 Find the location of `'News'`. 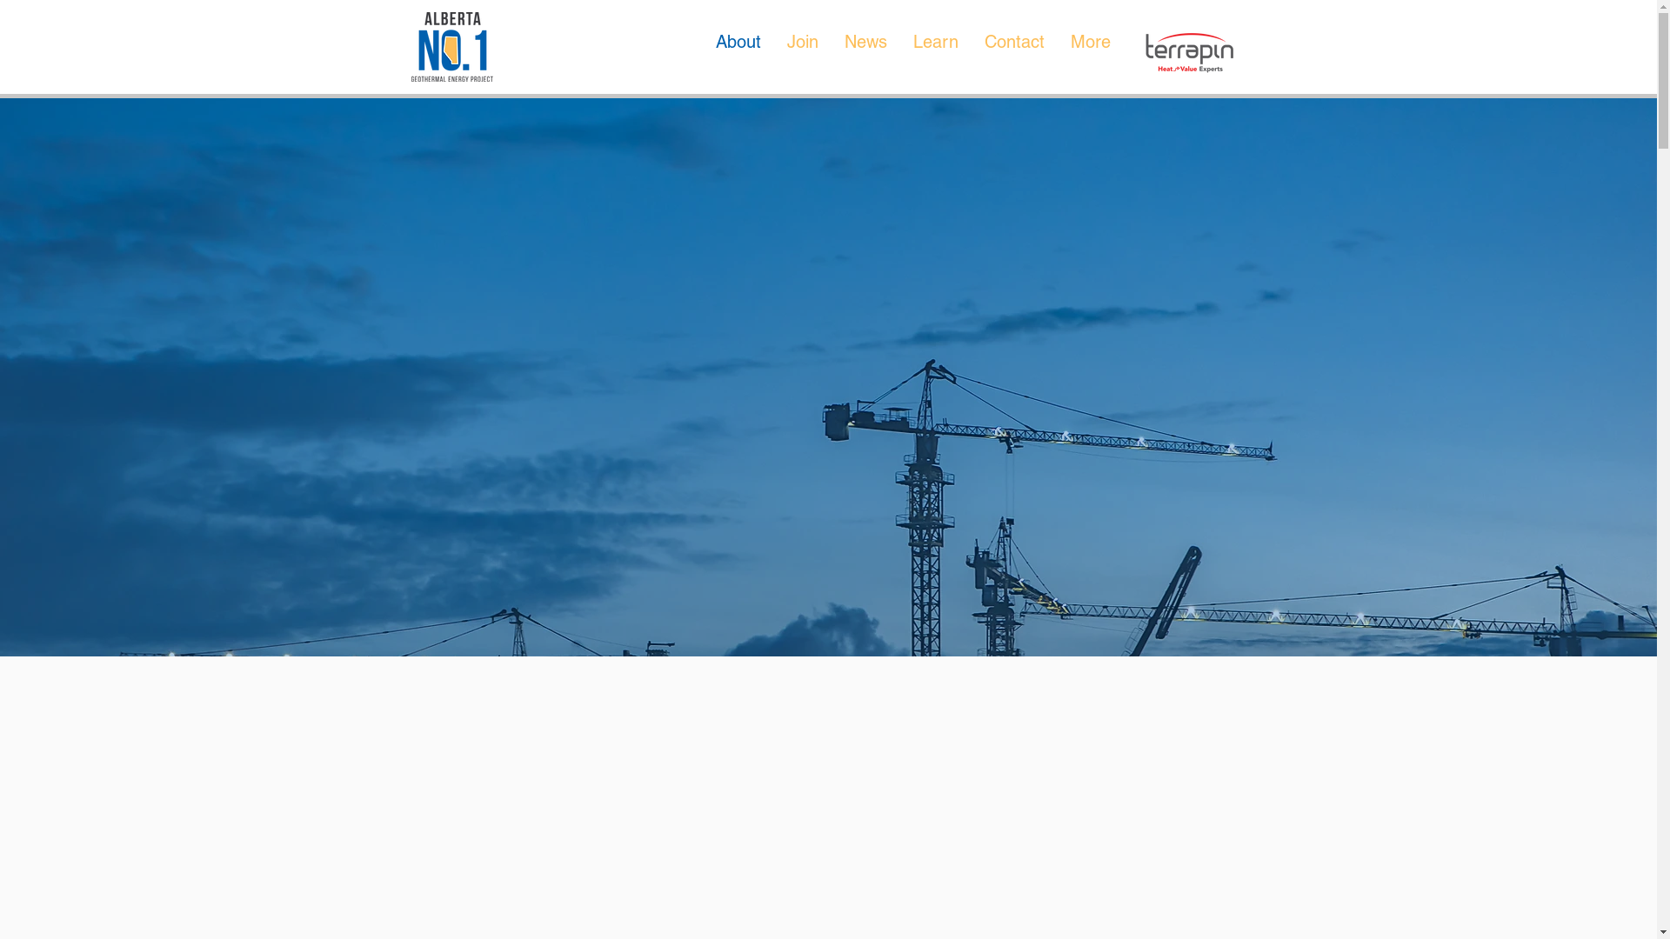

'News' is located at coordinates (865, 50).